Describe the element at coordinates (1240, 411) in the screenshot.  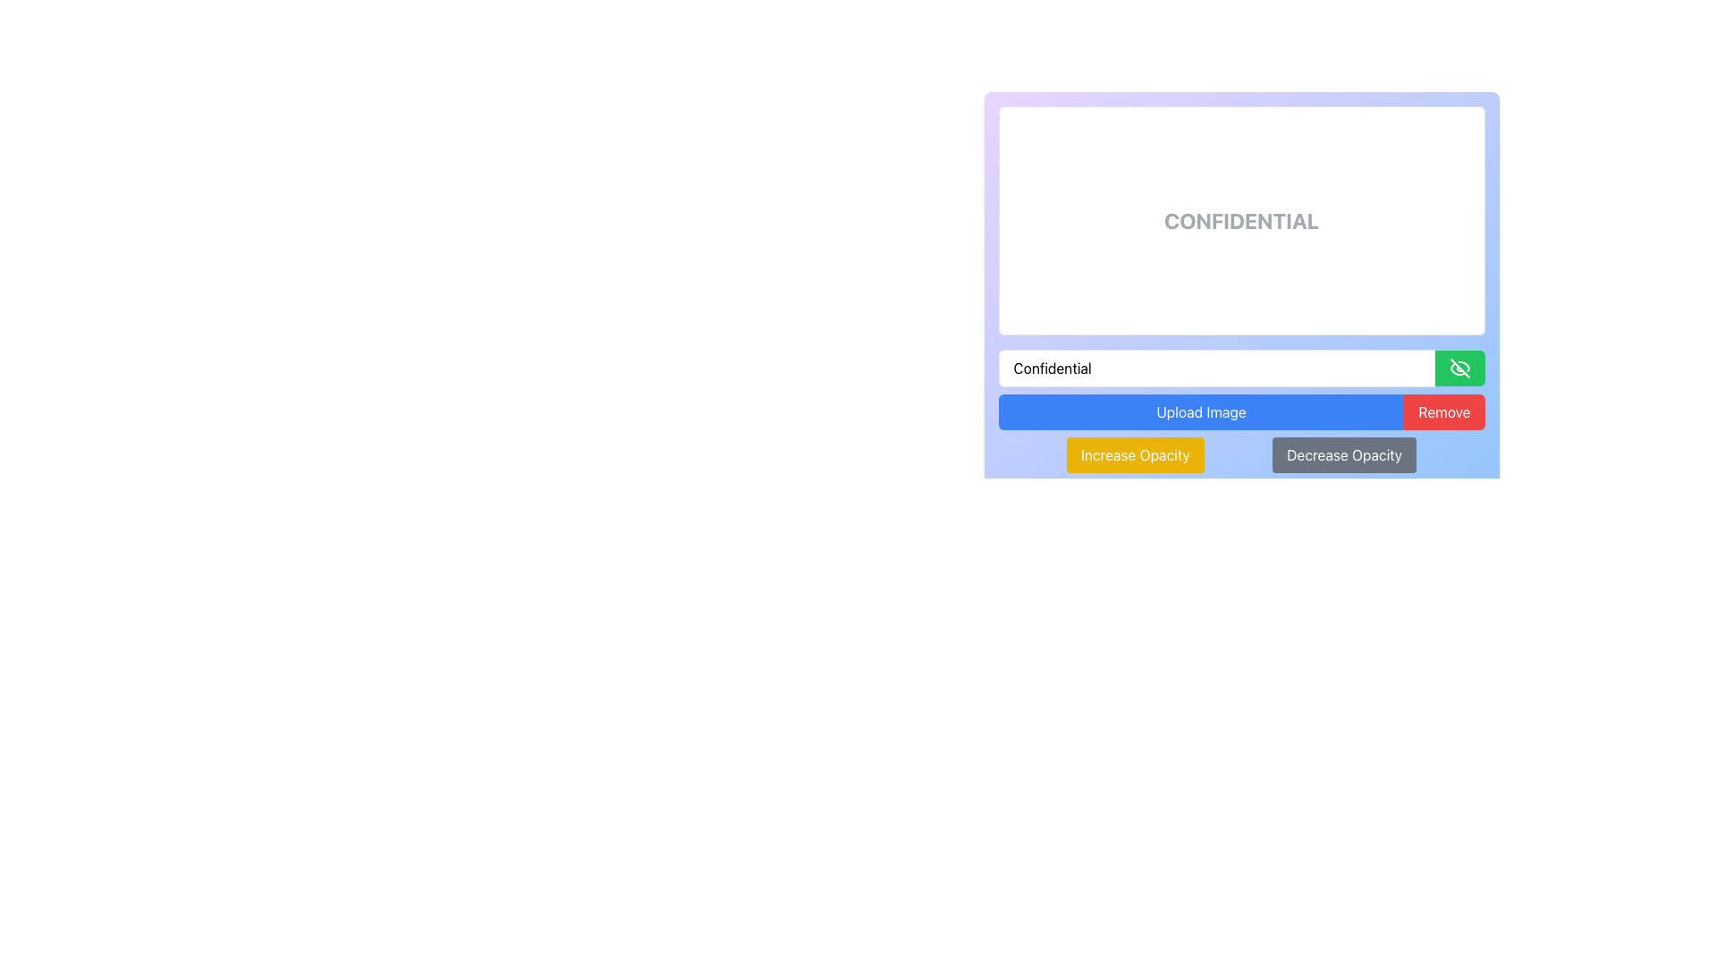
I see `the 'Upload Image' button in the Composite UI block that contains interactive buttons and a text input field, located beneath the 'Confidential' section` at that location.